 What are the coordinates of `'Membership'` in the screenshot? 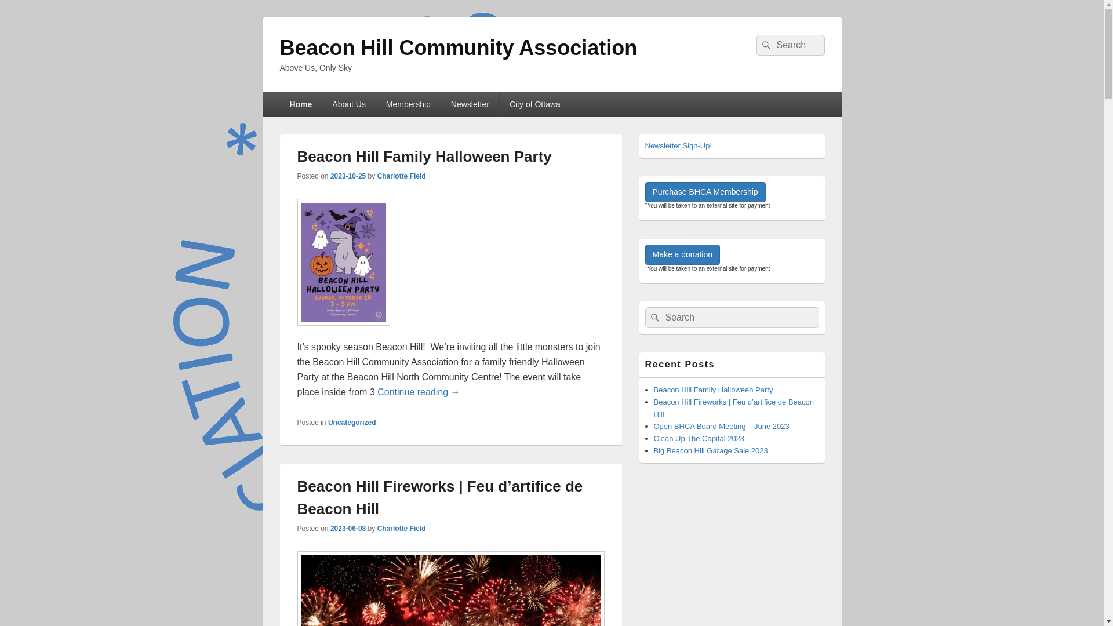 It's located at (408, 104).